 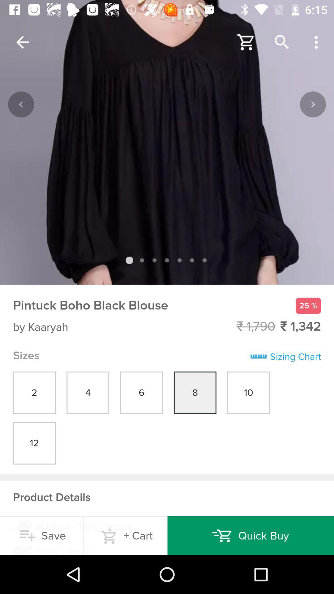 I want to click on the search button on the web page, so click(x=282, y=42).